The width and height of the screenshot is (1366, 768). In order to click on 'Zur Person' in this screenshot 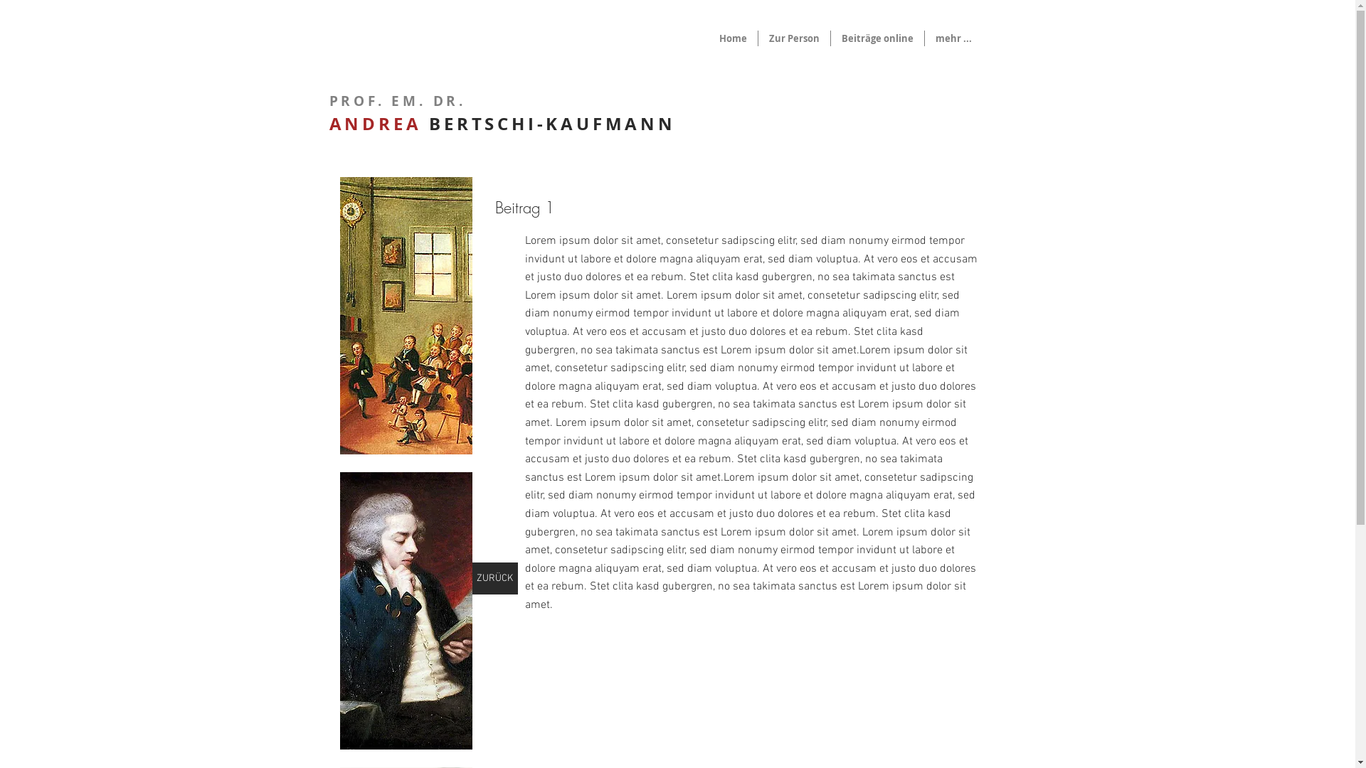, I will do `click(793, 38)`.